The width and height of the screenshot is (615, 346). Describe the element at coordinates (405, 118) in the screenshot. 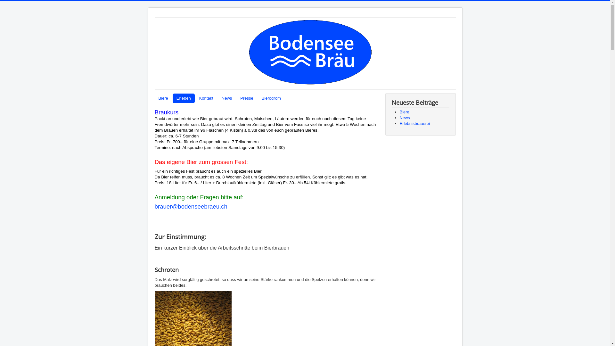

I see `'News'` at that location.